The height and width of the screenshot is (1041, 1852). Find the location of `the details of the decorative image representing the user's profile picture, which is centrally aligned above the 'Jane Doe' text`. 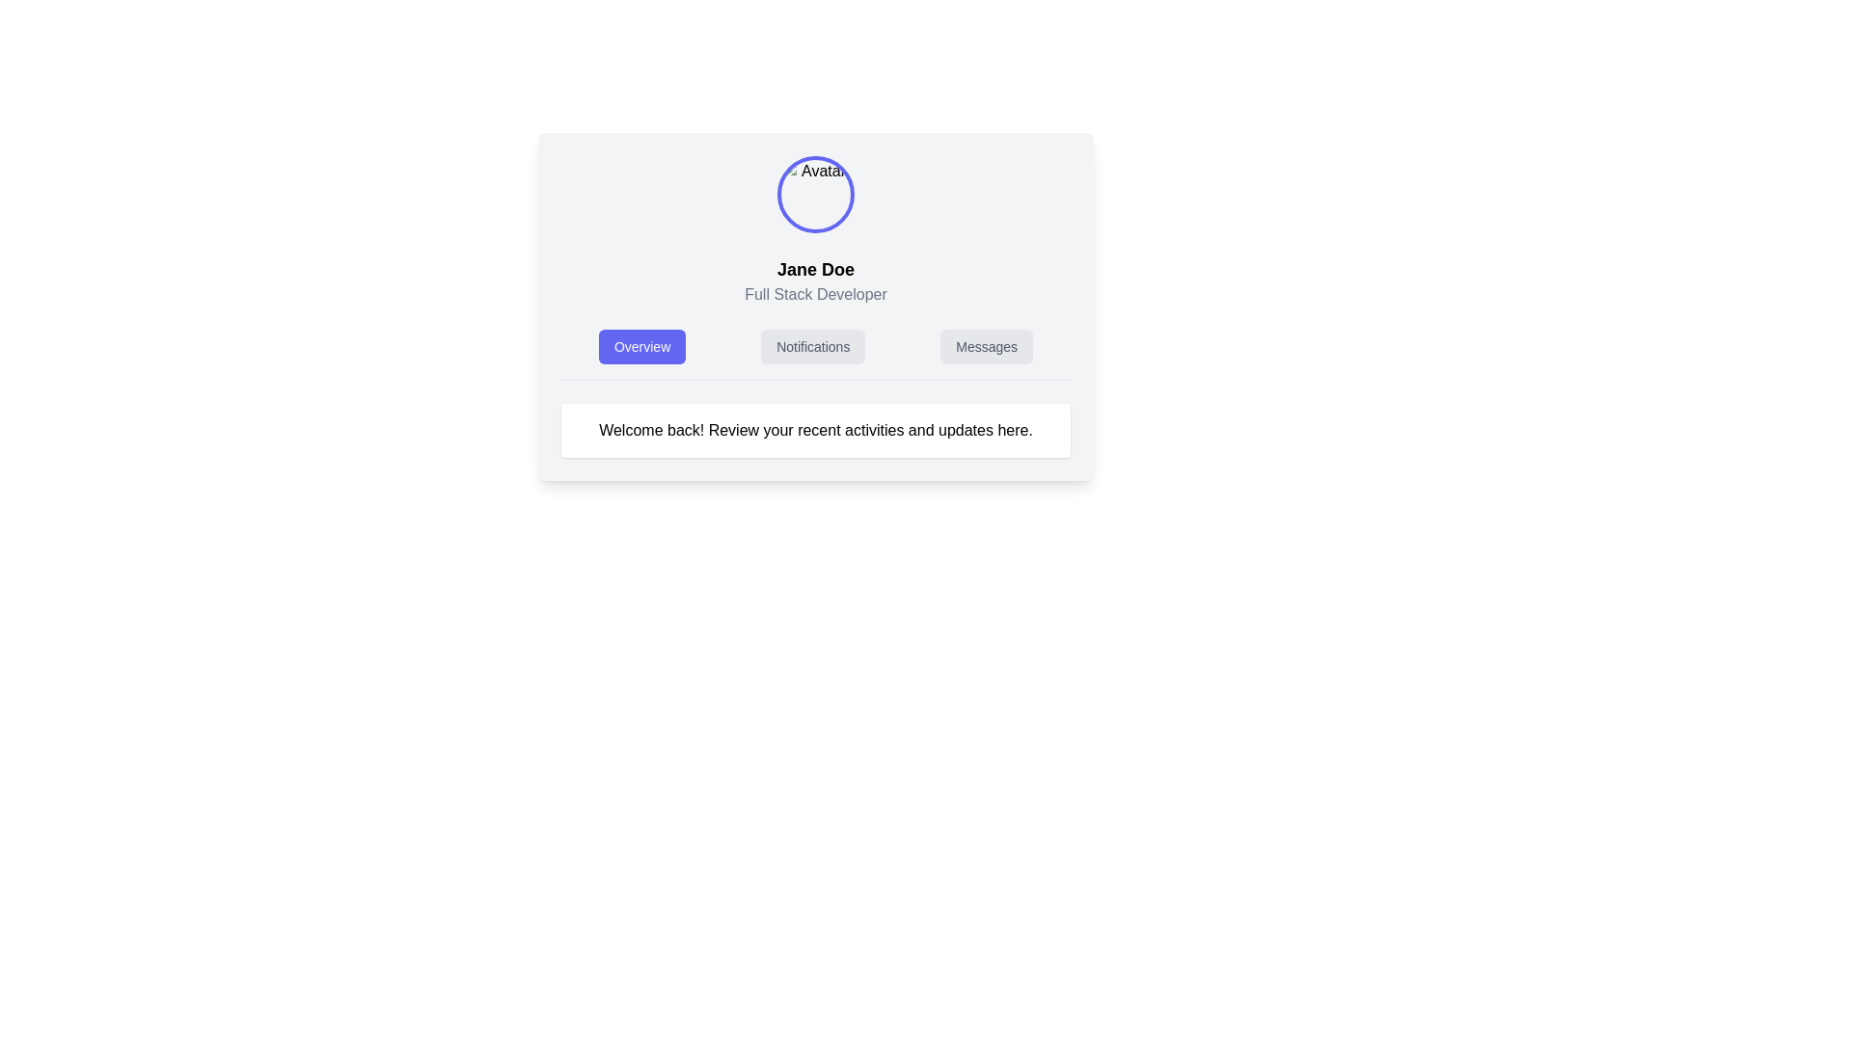

the details of the decorative image representing the user's profile picture, which is centrally aligned above the 'Jane Doe' text is located at coordinates (815, 194).